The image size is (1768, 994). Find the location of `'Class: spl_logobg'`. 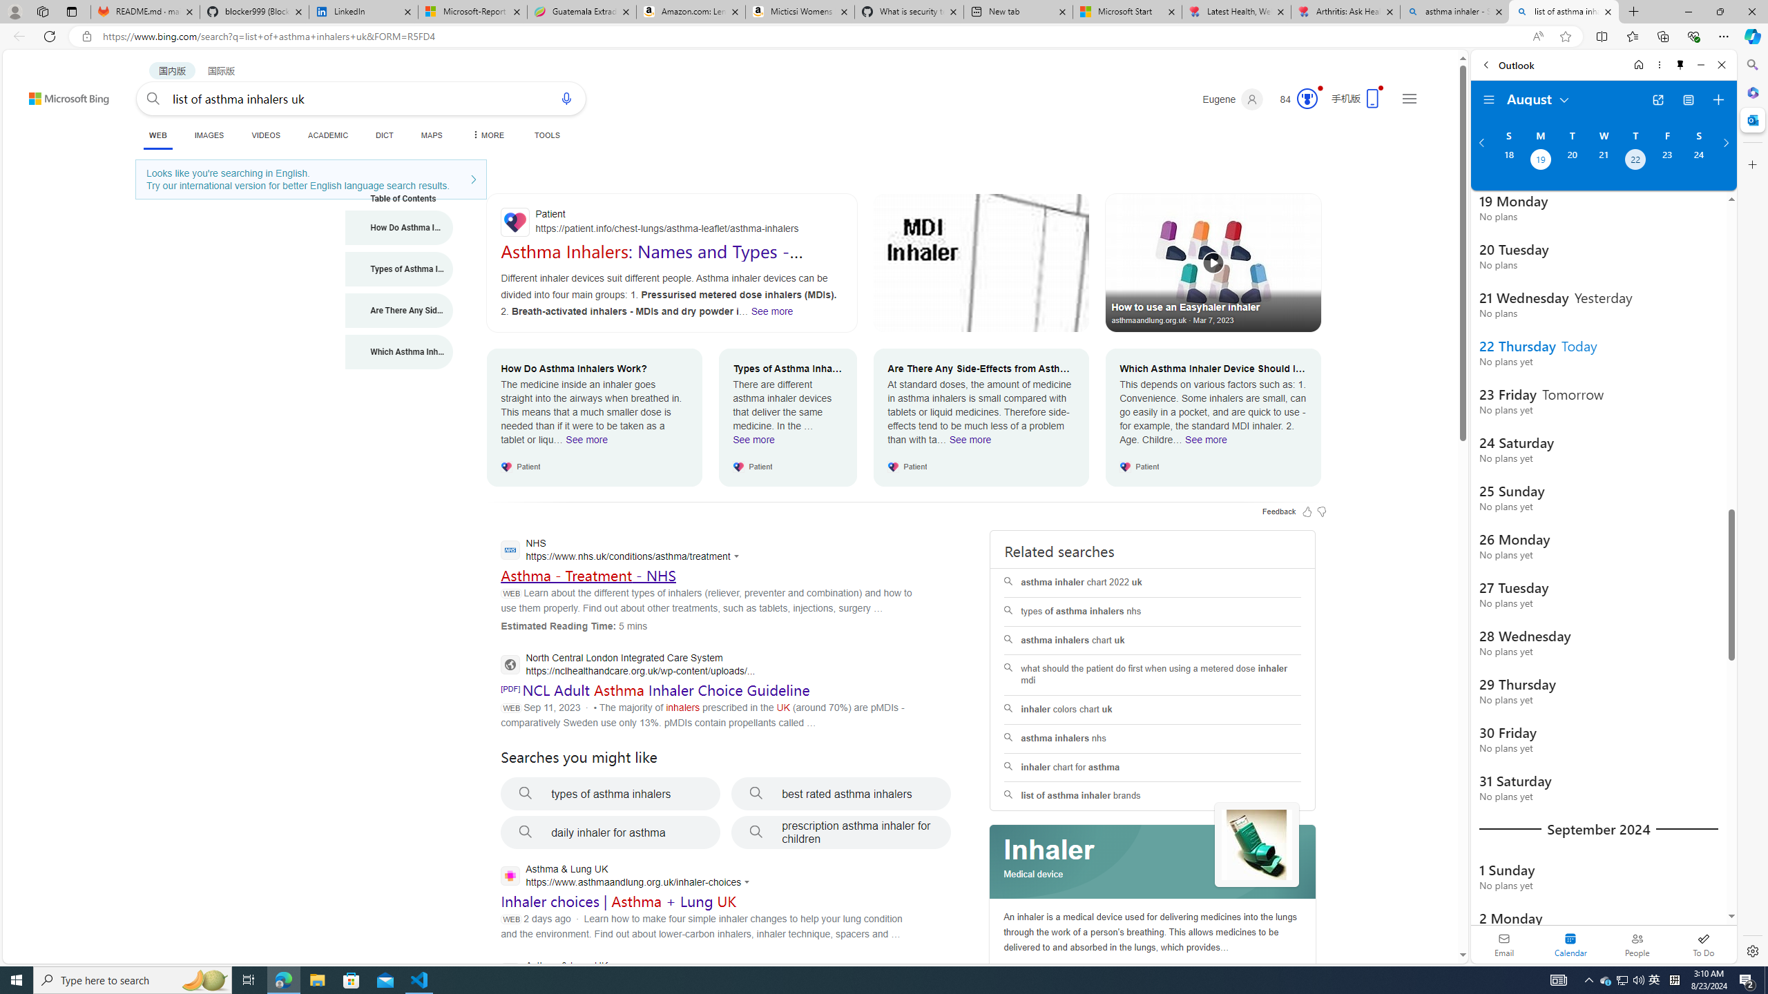

'Class: spl_logobg' is located at coordinates (1153, 861).